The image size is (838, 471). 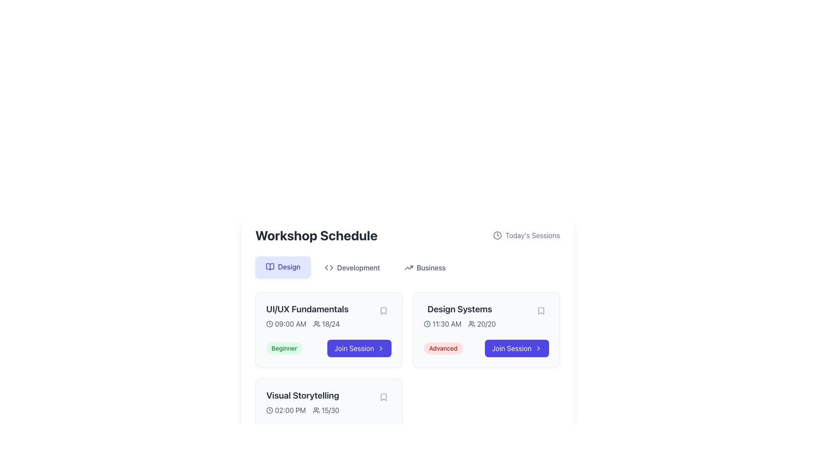 I want to click on text label indicating the current sessions or schedule located to the right of the clock icon at the top-right section of the interface, so click(x=532, y=235).